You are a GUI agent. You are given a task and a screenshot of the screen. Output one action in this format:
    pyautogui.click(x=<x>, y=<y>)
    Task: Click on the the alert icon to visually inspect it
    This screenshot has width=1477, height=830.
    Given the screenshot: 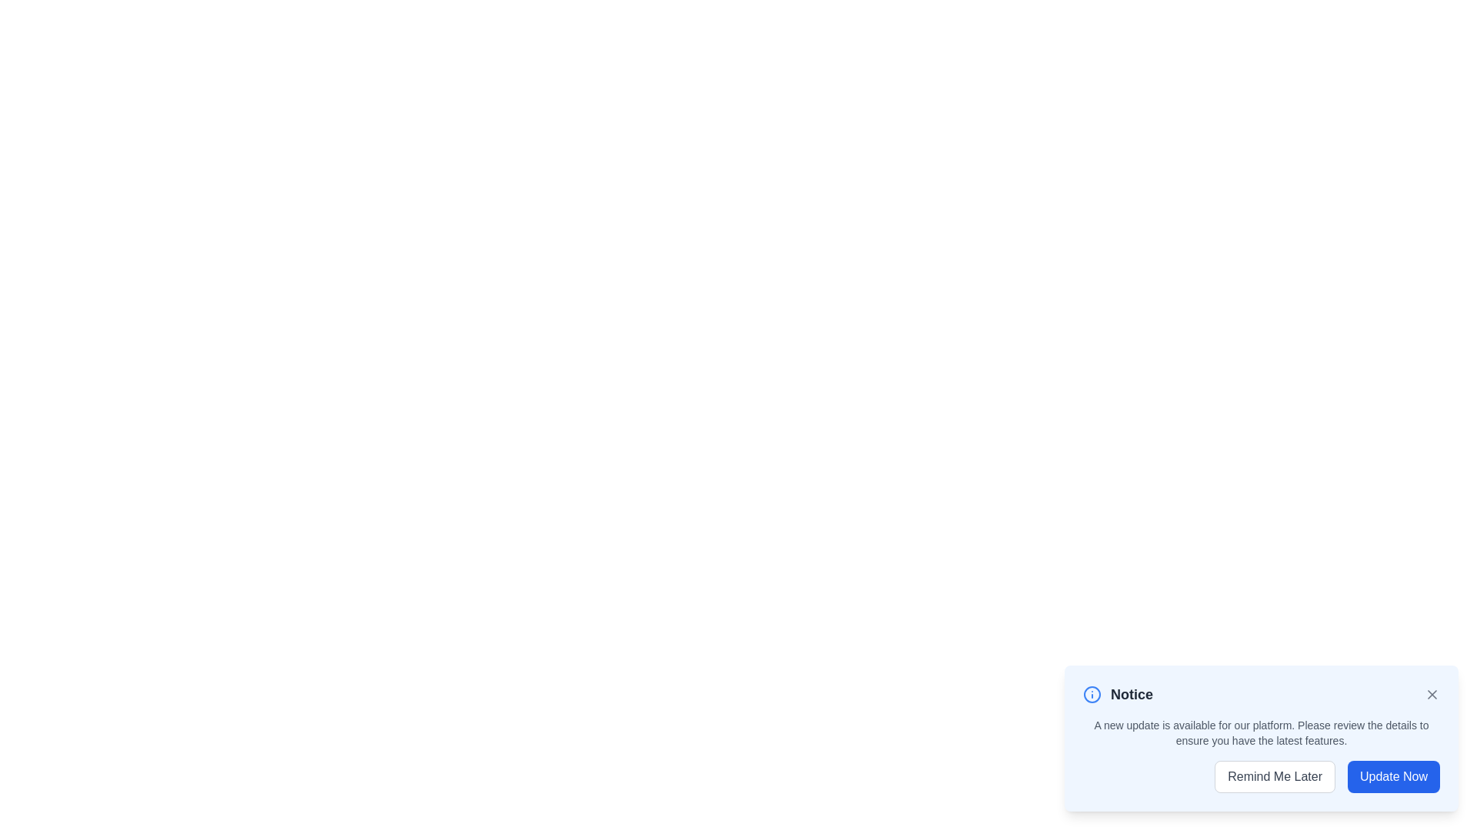 What is the action you would take?
    pyautogui.click(x=1092, y=694)
    